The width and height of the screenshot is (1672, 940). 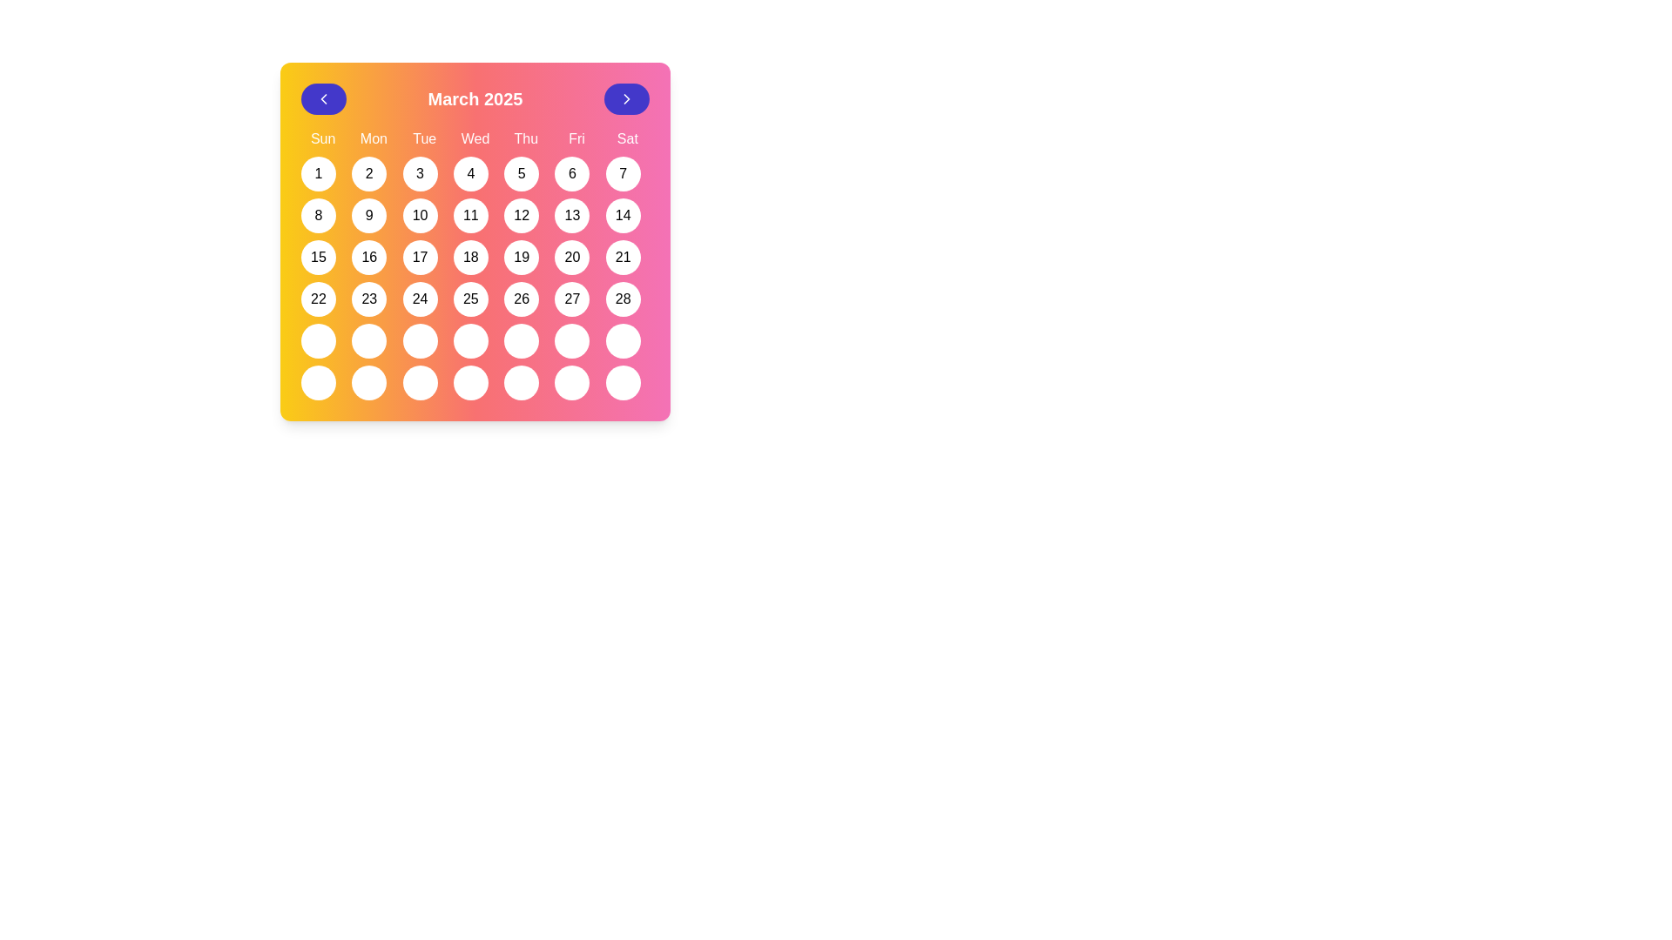 What do you see at coordinates (475, 138) in the screenshot?
I see `the static text label displaying 'Wed' in bold white font on a pink background, located in the fourth column of the top row in the calendar grid` at bounding box center [475, 138].